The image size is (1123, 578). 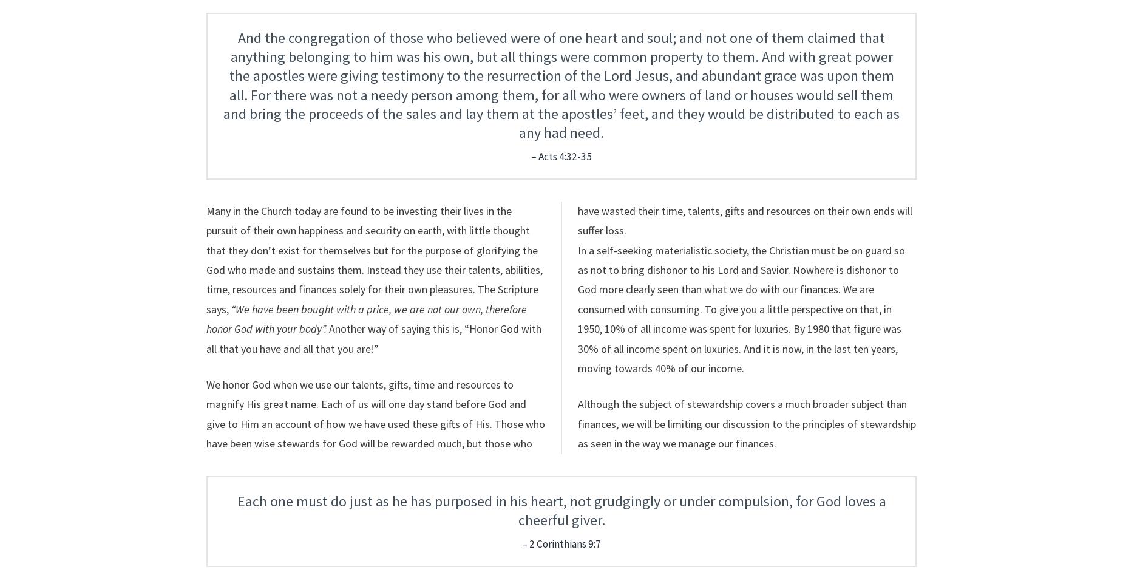 What do you see at coordinates (741, 308) in the screenshot?
I see `'In a self-seeking materialistic society, the Christian must be on guard so as not to bring dishonor to his Lord and Savior. Nowhere is dishonor to God more clearly seen than what we do with our finances. We are consumed with consuming. To give you a little perspective on that, in 1950, 10% of all income was spent for luxuries. By 1980 that figure was 30% of all income spent on luxuries. And it is now, in the last ten years, moving towards 40% of our income.'` at bounding box center [741, 308].